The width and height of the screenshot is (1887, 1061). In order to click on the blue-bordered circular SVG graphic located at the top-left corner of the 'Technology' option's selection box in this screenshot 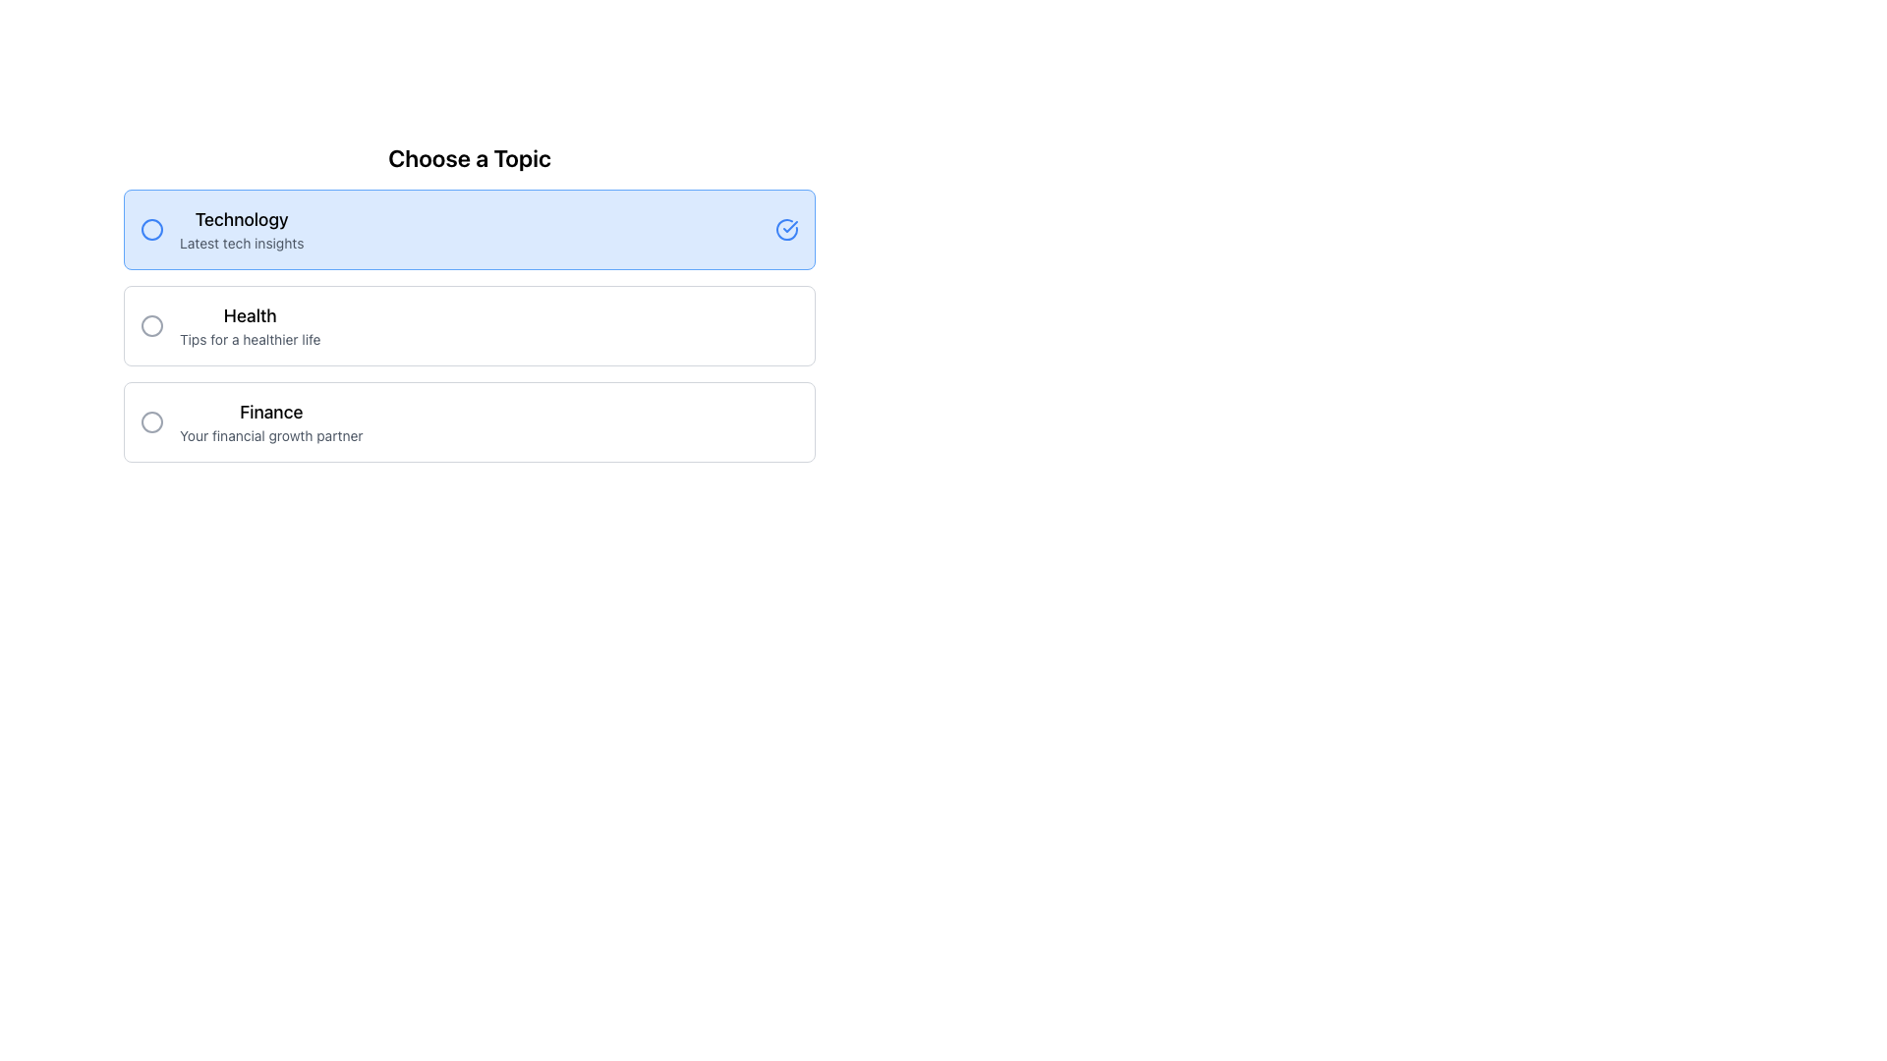, I will do `click(150, 229)`.